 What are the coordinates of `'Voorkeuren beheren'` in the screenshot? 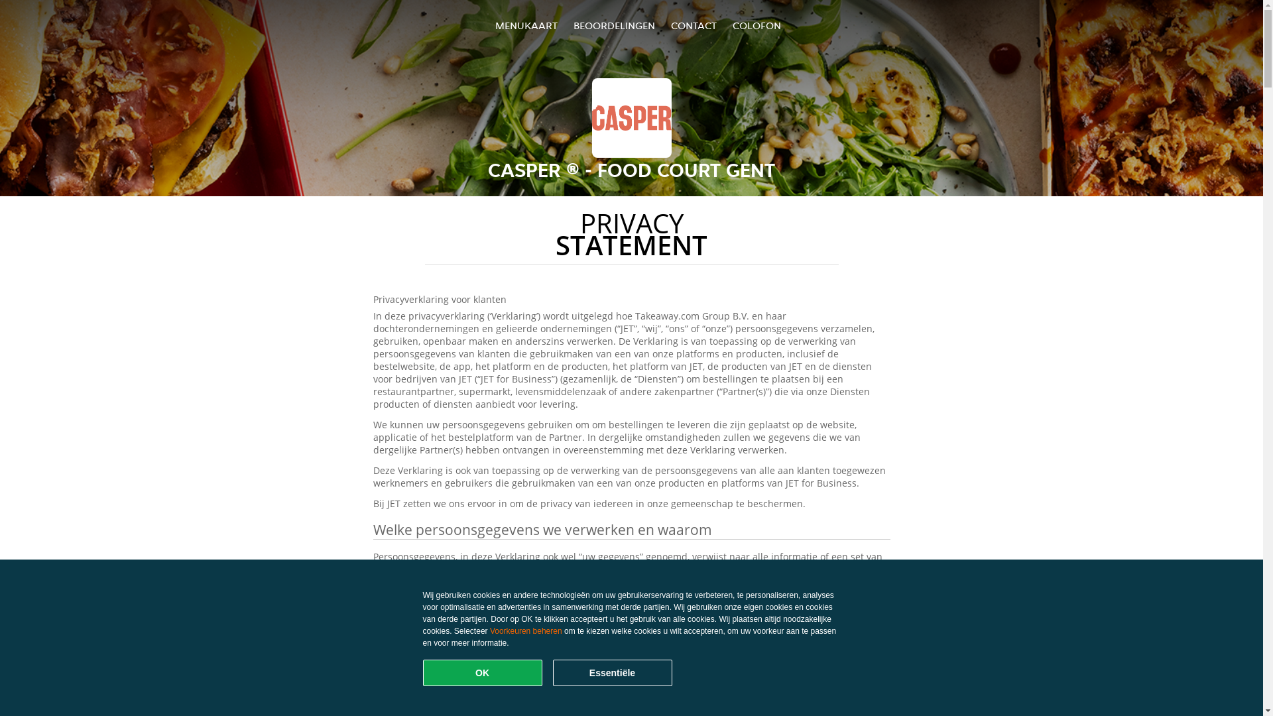 It's located at (525, 630).